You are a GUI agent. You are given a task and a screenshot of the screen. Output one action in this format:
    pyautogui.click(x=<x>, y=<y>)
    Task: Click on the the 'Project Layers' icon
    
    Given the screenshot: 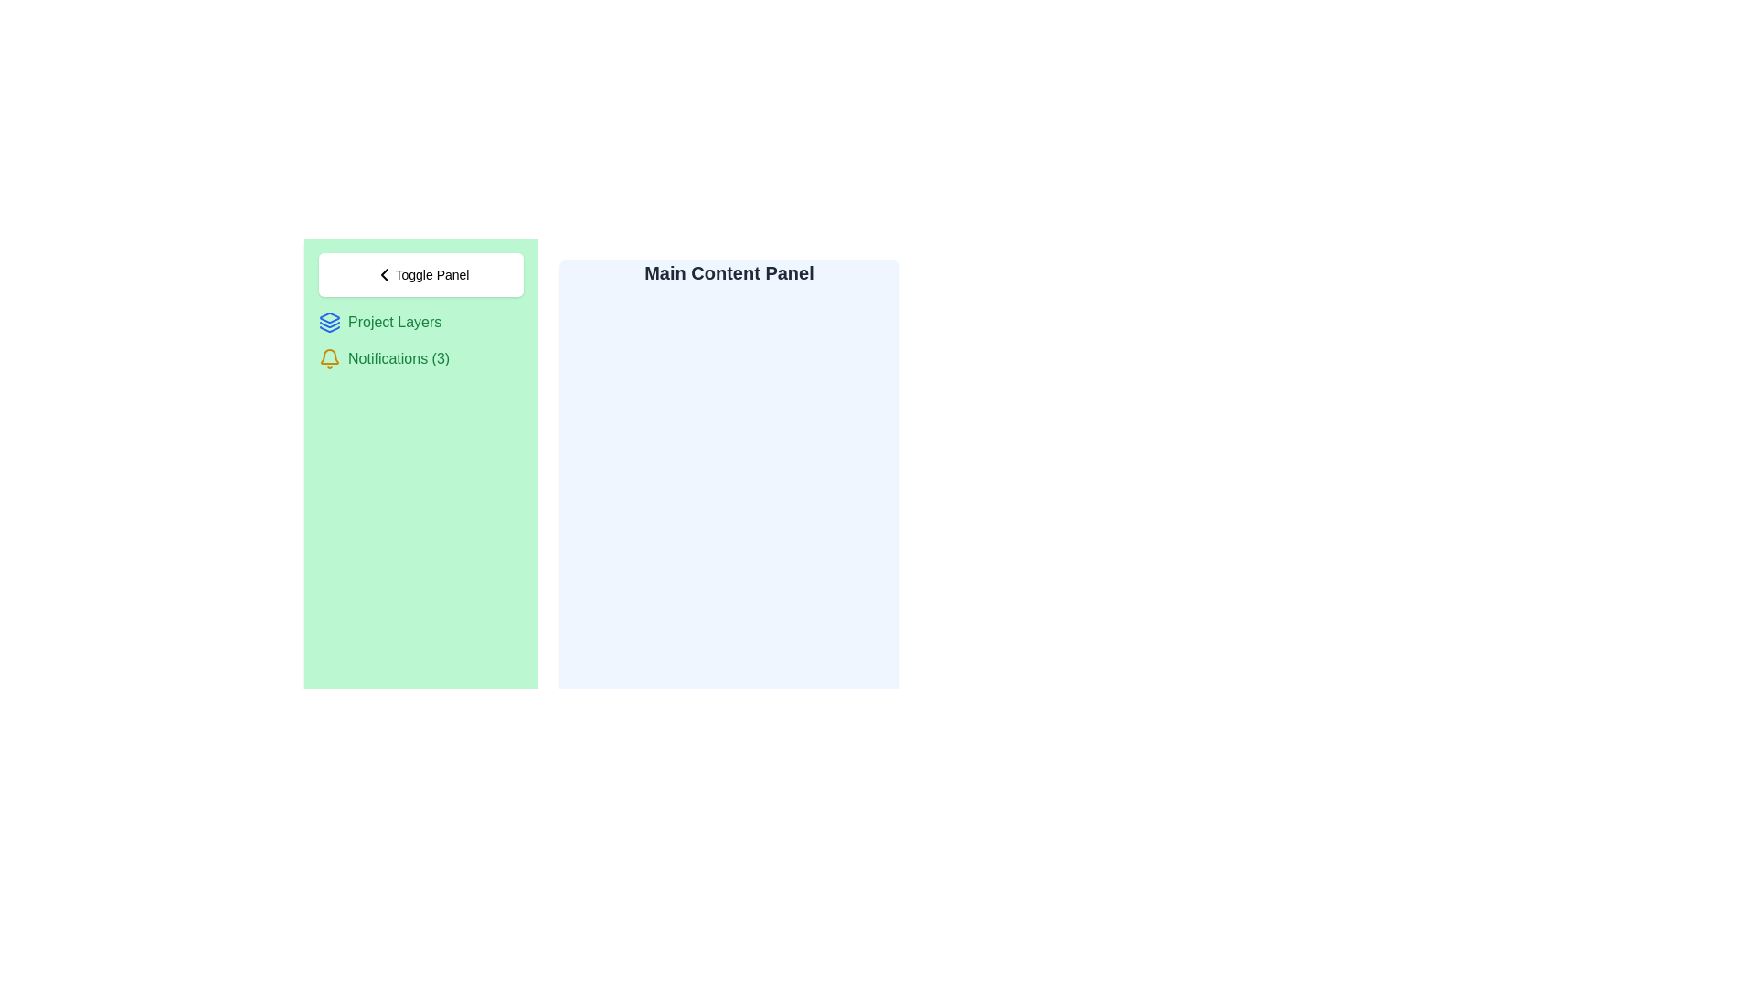 What is the action you would take?
    pyautogui.click(x=329, y=322)
    